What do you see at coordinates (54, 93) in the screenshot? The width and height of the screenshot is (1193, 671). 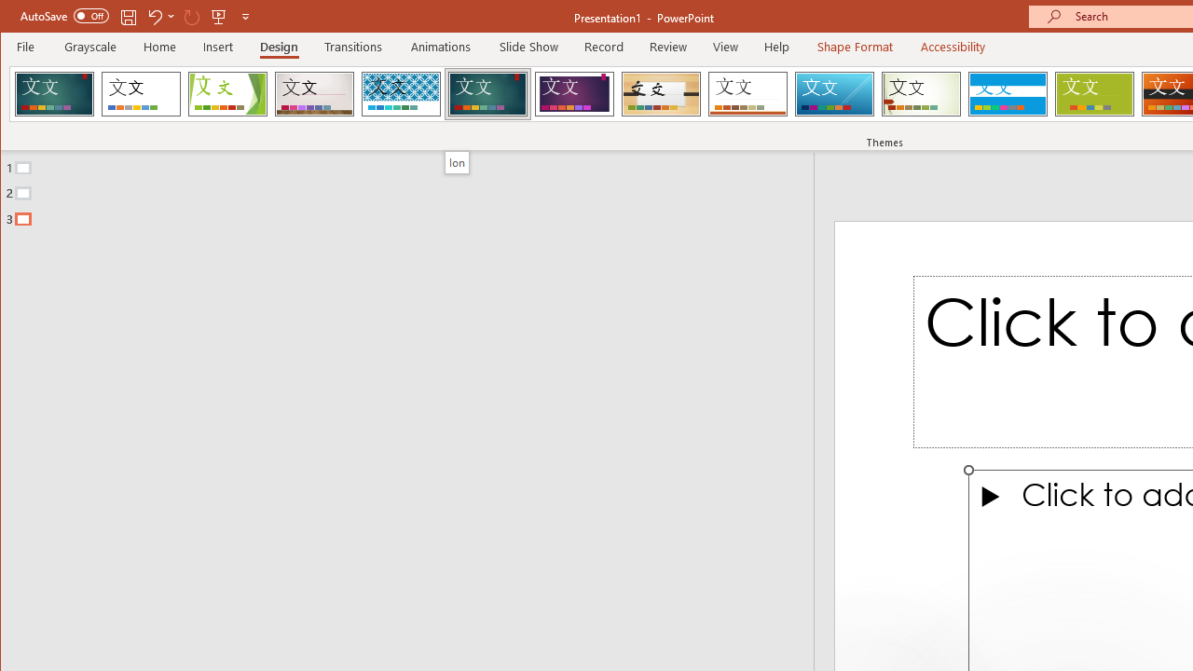 I see `'Dividend'` at bounding box center [54, 93].